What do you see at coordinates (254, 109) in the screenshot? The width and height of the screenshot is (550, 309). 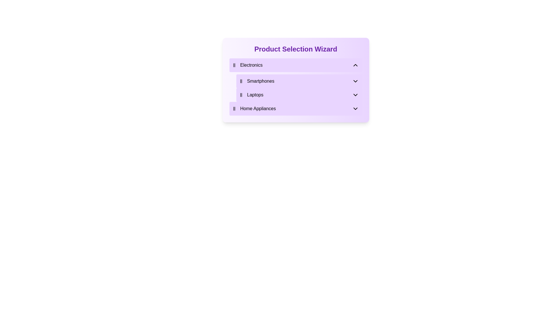 I see `the 'Home Appliances' text element, which features a small icon on its left` at bounding box center [254, 109].